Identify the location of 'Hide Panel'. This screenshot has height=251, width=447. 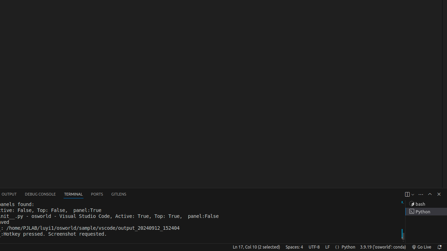
(438, 194).